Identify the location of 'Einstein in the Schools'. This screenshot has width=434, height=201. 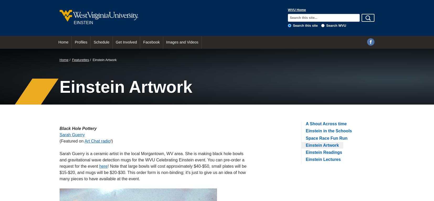
(305, 131).